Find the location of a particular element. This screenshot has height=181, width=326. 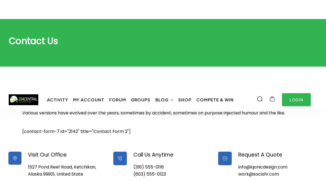

'1527 Pond Reef Road, Ketchikan, Alaska 99901, United State' is located at coordinates (61, 80).